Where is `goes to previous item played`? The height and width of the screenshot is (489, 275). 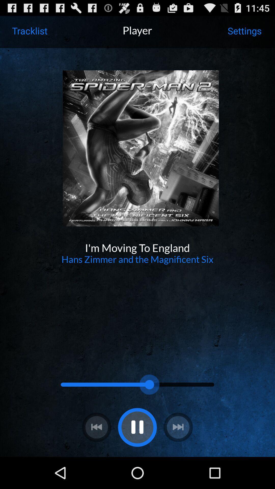
goes to previous item played is located at coordinates (97, 427).